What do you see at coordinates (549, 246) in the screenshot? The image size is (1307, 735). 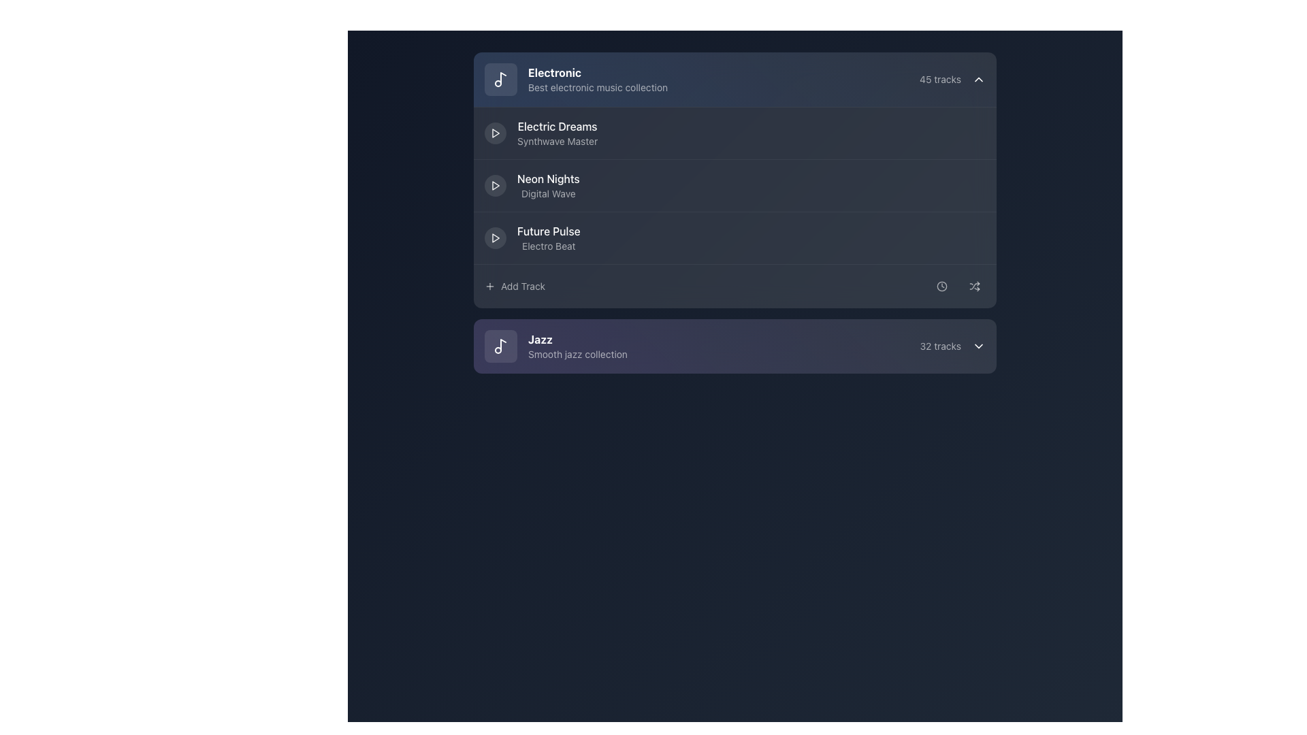 I see `the text label located directly beneath the 'Future Pulse' text in the third item of the list under the 'Electronic' category for accessibility purposes` at bounding box center [549, 246].